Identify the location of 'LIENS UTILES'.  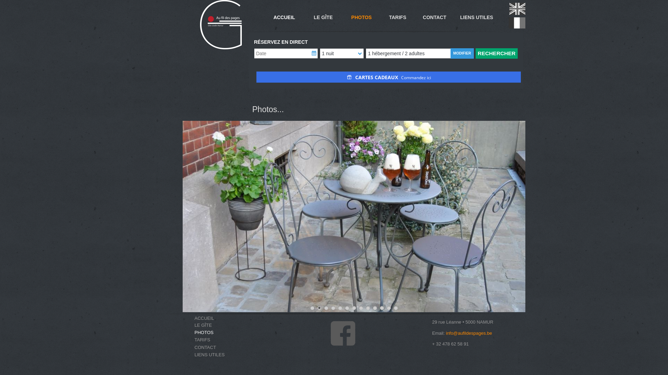
(217, 355).